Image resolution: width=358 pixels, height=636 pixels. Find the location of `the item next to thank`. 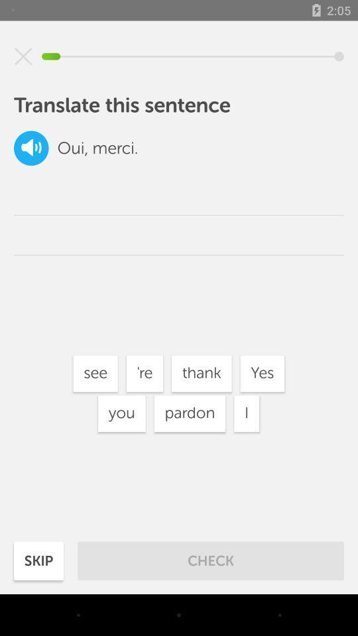

the item next to thank is located at coordinates (144, 374).